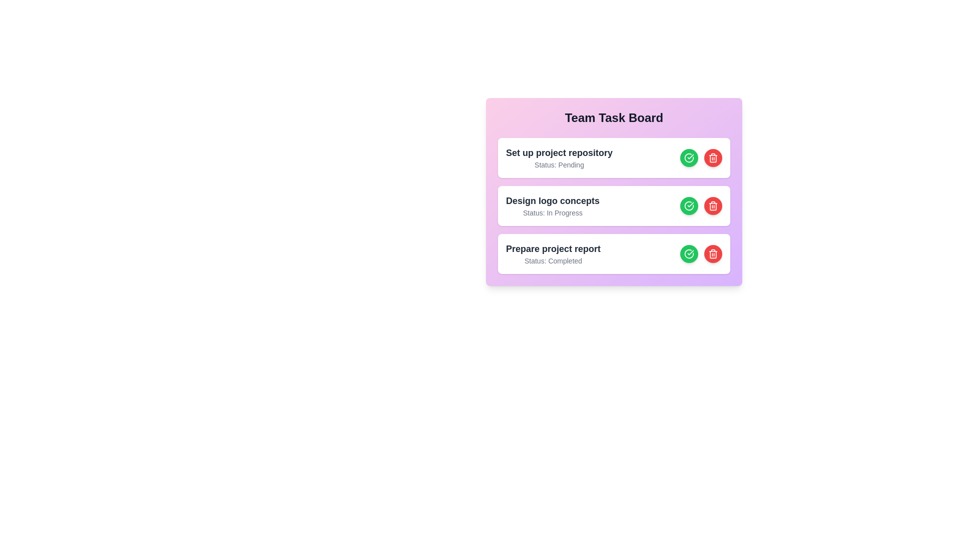 The width and height of the screenshot is (961, 540). I want to click on 'Complete Task' button for the task 3, so click(689, 253).